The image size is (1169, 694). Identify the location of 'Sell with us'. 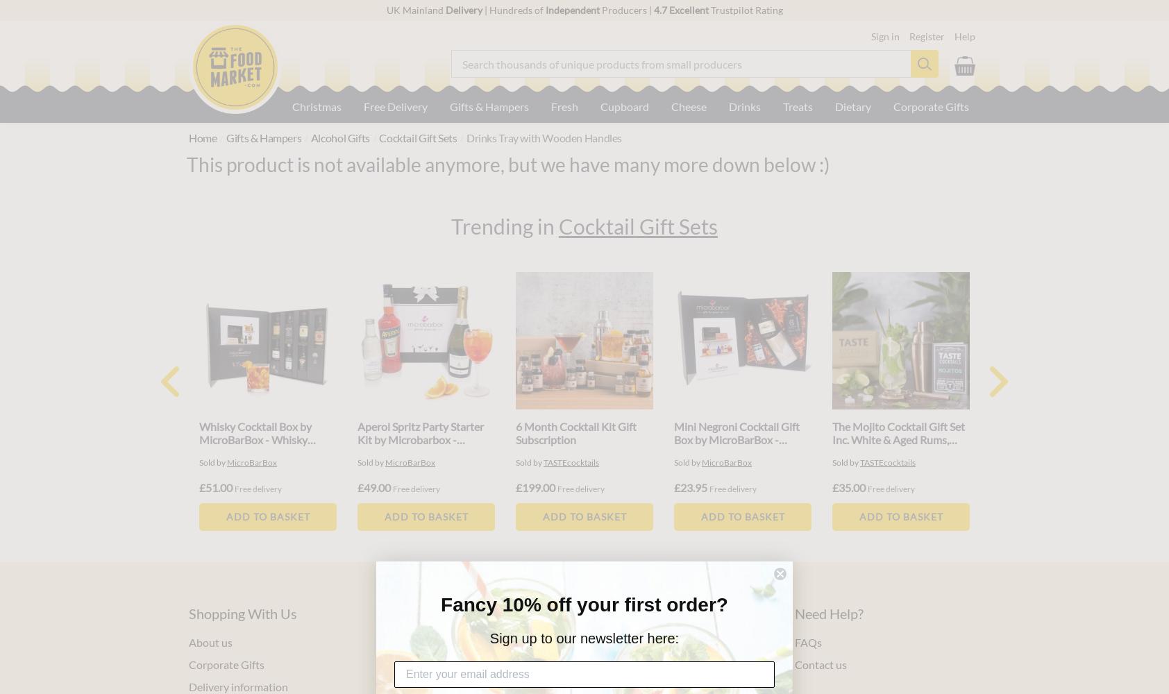
(591, 641).